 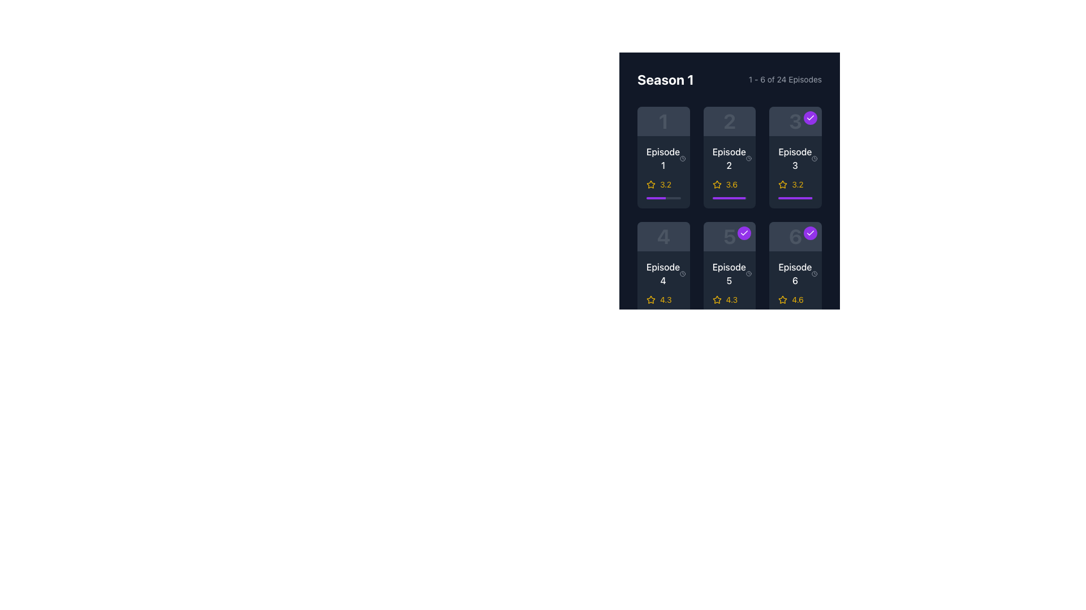 I want to click on text of the episode label indicating 'Episode 3', located in the top-right corner of the episode card, so click(x=794, y=159).